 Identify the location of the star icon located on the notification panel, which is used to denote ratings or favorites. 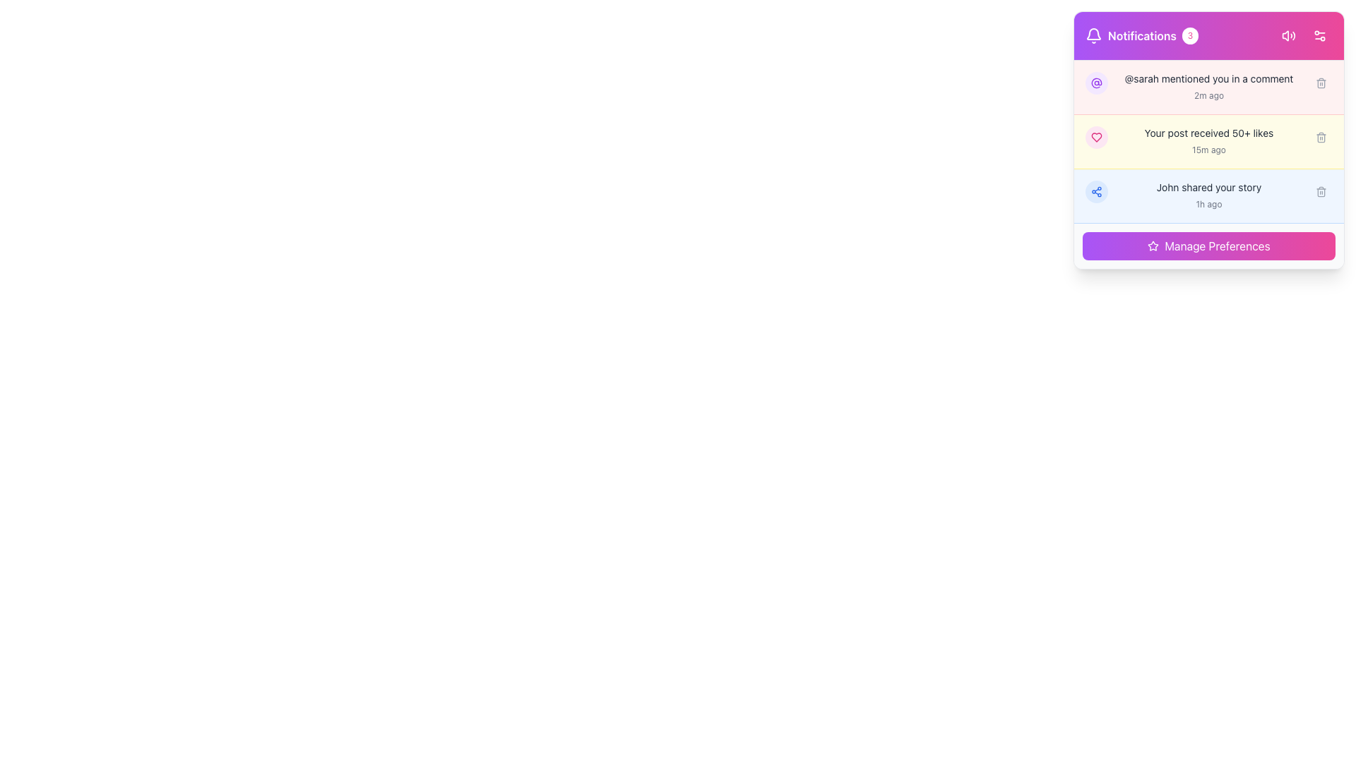
(1153, 245).